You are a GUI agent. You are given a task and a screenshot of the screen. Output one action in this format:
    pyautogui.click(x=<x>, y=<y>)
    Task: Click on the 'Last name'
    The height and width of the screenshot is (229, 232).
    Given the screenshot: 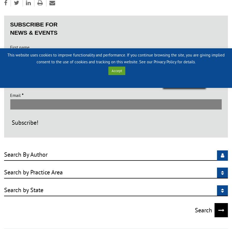 What is the action you would take?
    pyautogui.click(x=19, y=71)
    